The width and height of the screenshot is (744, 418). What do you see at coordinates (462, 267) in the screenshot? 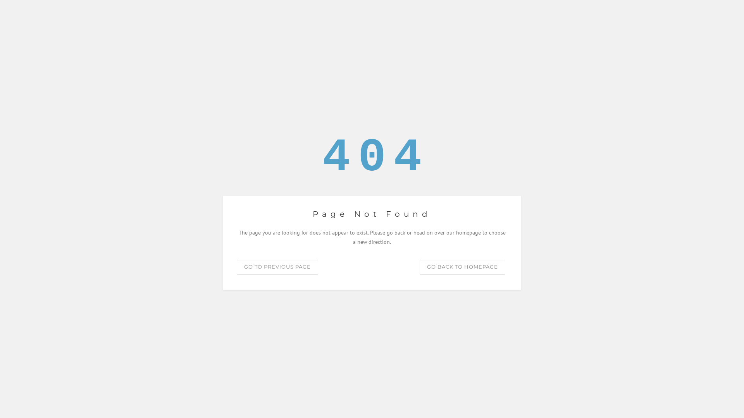
I see `'GO BACK TO HOMEPAGE'` at bounding box center [462, 267].